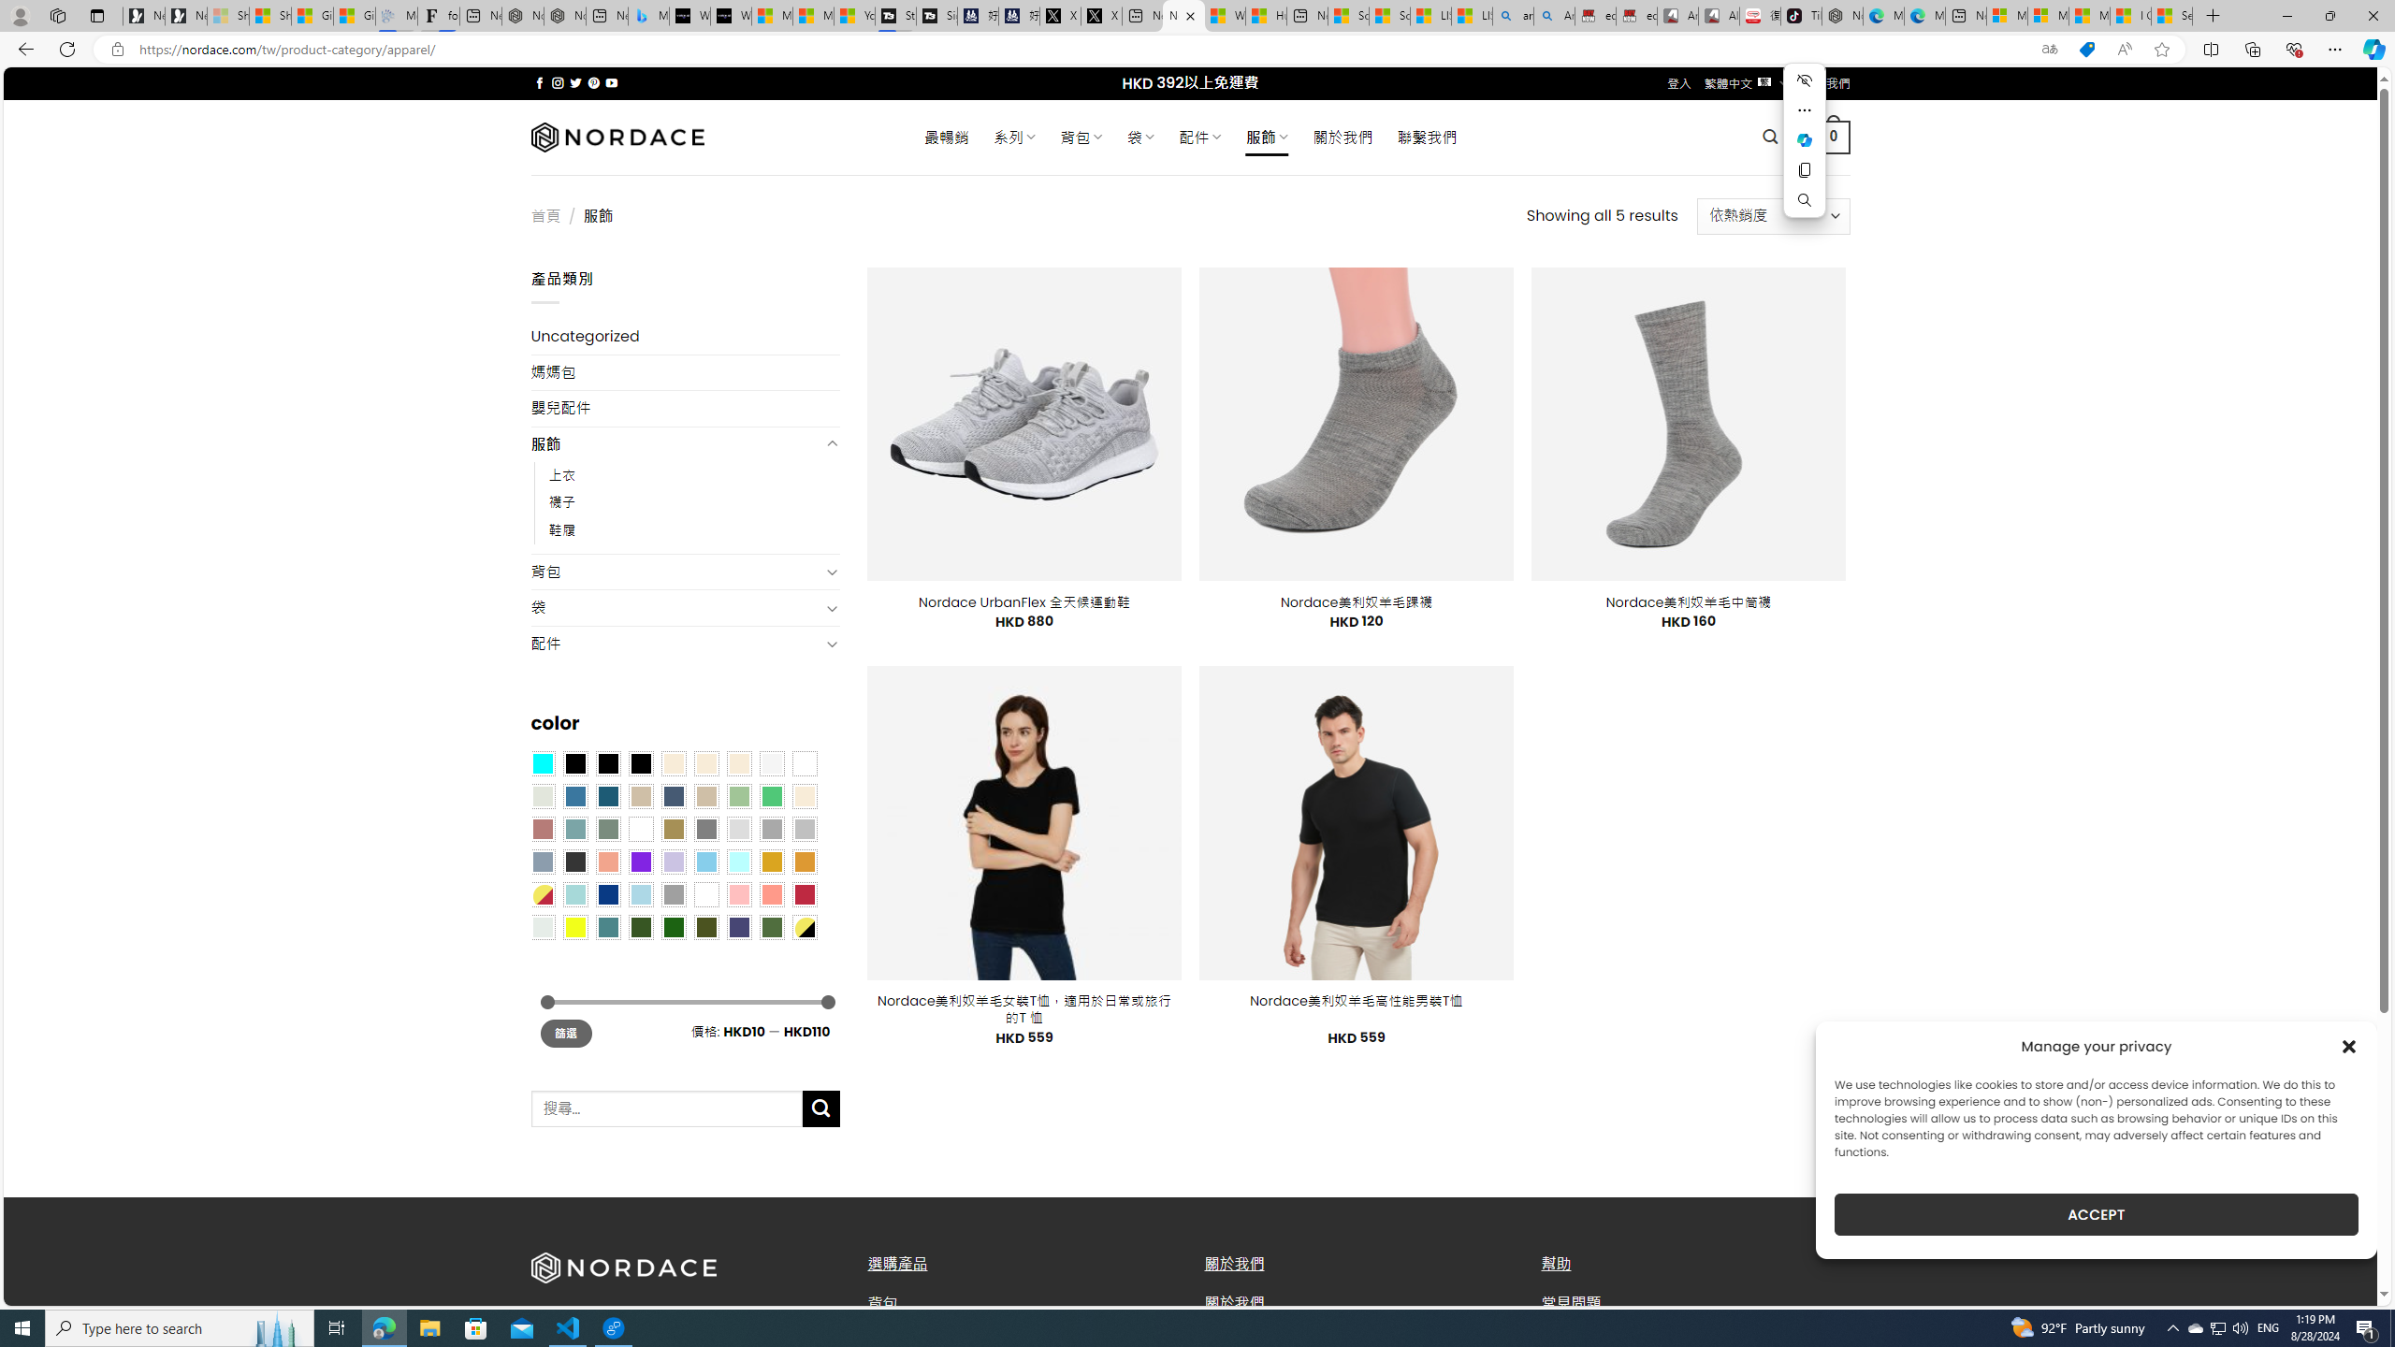 The image size is (2395, 1347). What do you see at coordinates (557, 82) in the screenshot?
I see `'Follow on Instagram'` at bounding box center [557, 82].